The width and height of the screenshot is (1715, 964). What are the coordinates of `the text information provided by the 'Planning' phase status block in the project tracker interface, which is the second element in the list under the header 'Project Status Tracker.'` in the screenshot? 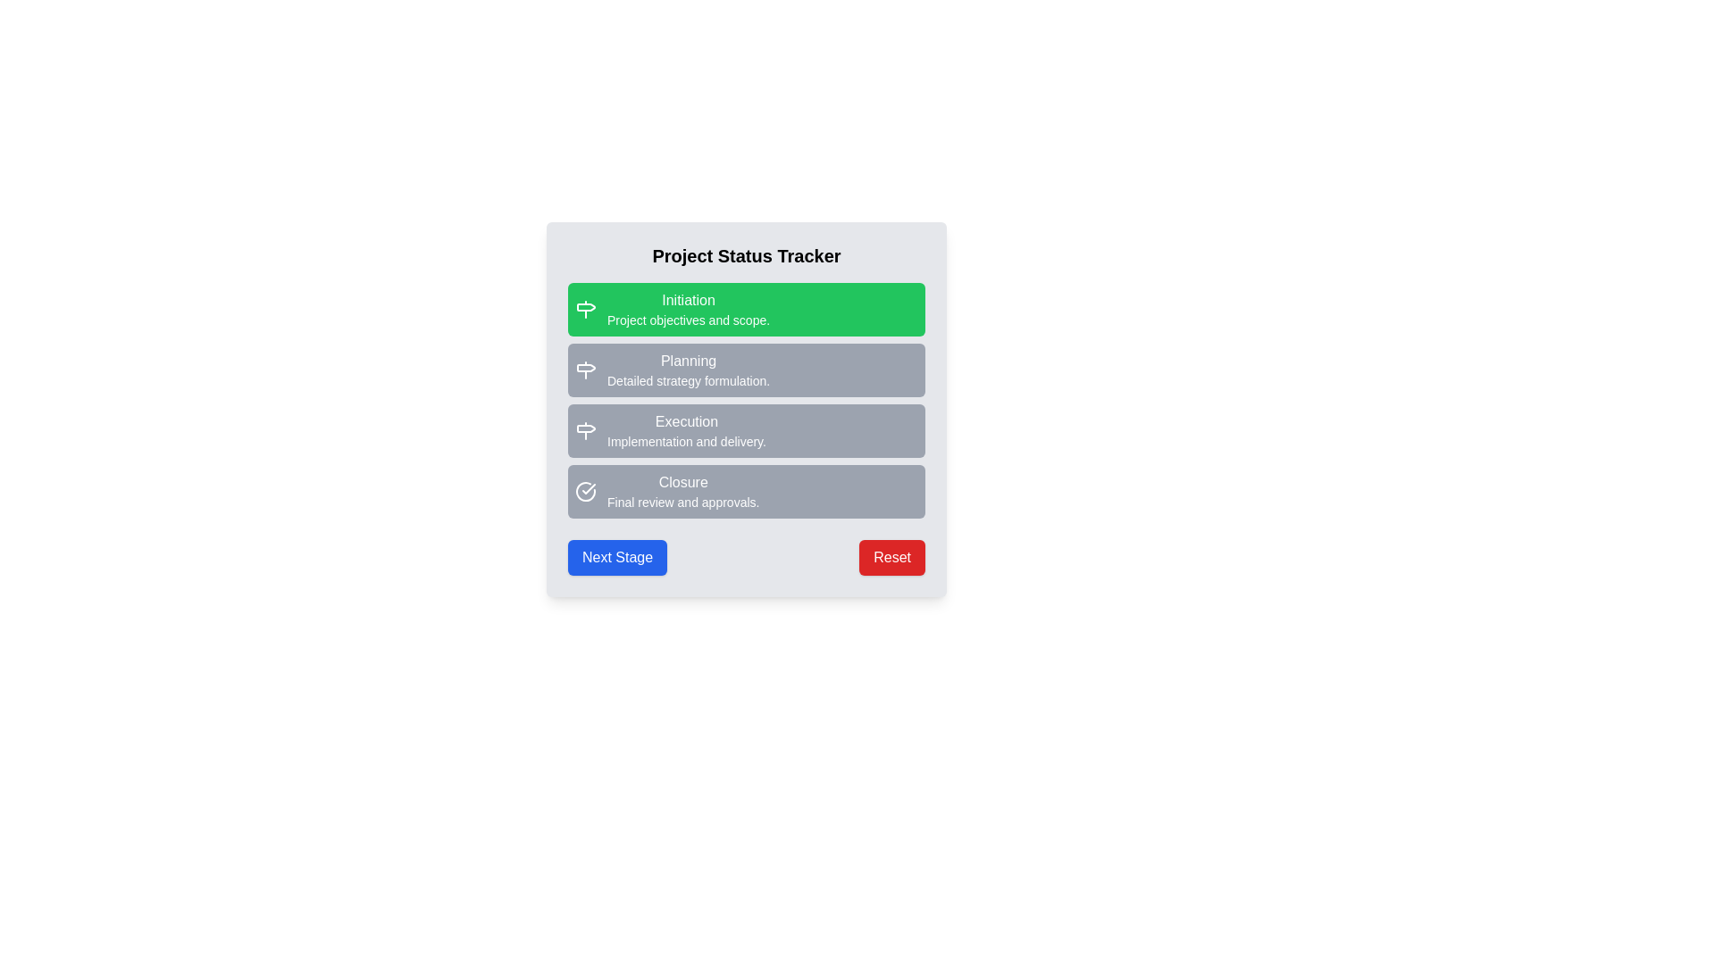 It's located at (746, 370).